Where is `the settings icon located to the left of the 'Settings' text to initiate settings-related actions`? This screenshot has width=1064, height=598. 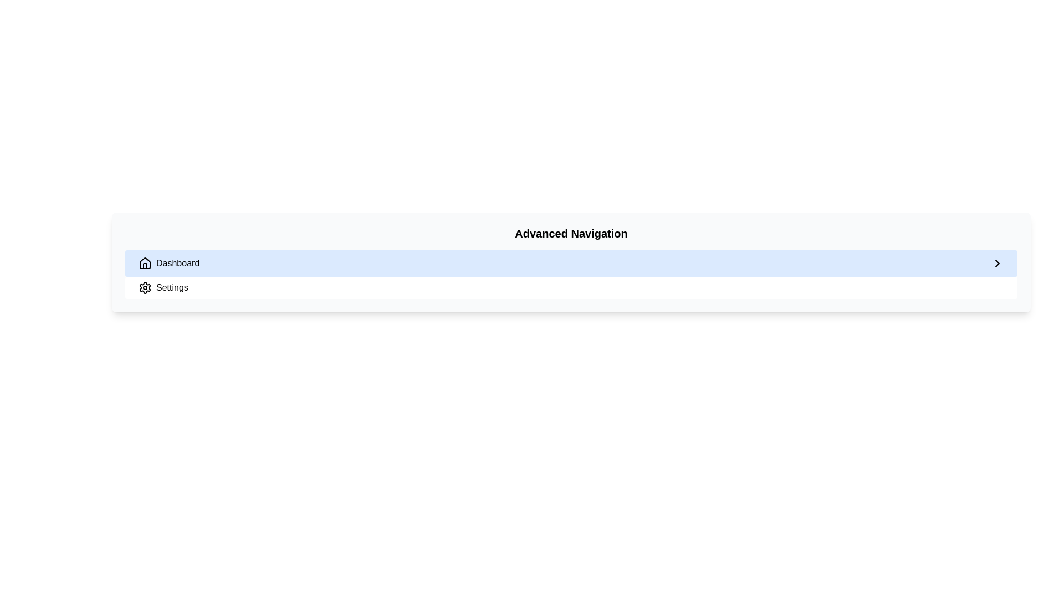
the settings icon located to the left of the 'Settings' text to initiate settings-related actions is located at coordinates (145, 287).